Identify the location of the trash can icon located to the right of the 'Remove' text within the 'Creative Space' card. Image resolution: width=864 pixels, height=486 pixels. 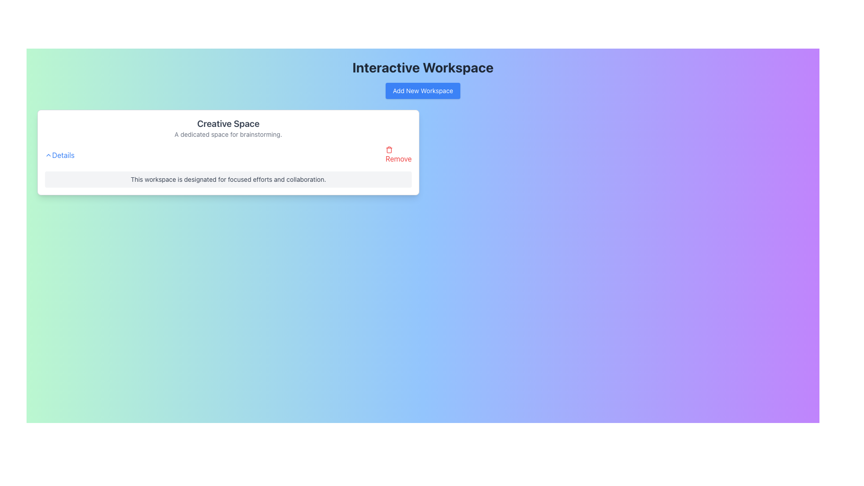
(389, 150).